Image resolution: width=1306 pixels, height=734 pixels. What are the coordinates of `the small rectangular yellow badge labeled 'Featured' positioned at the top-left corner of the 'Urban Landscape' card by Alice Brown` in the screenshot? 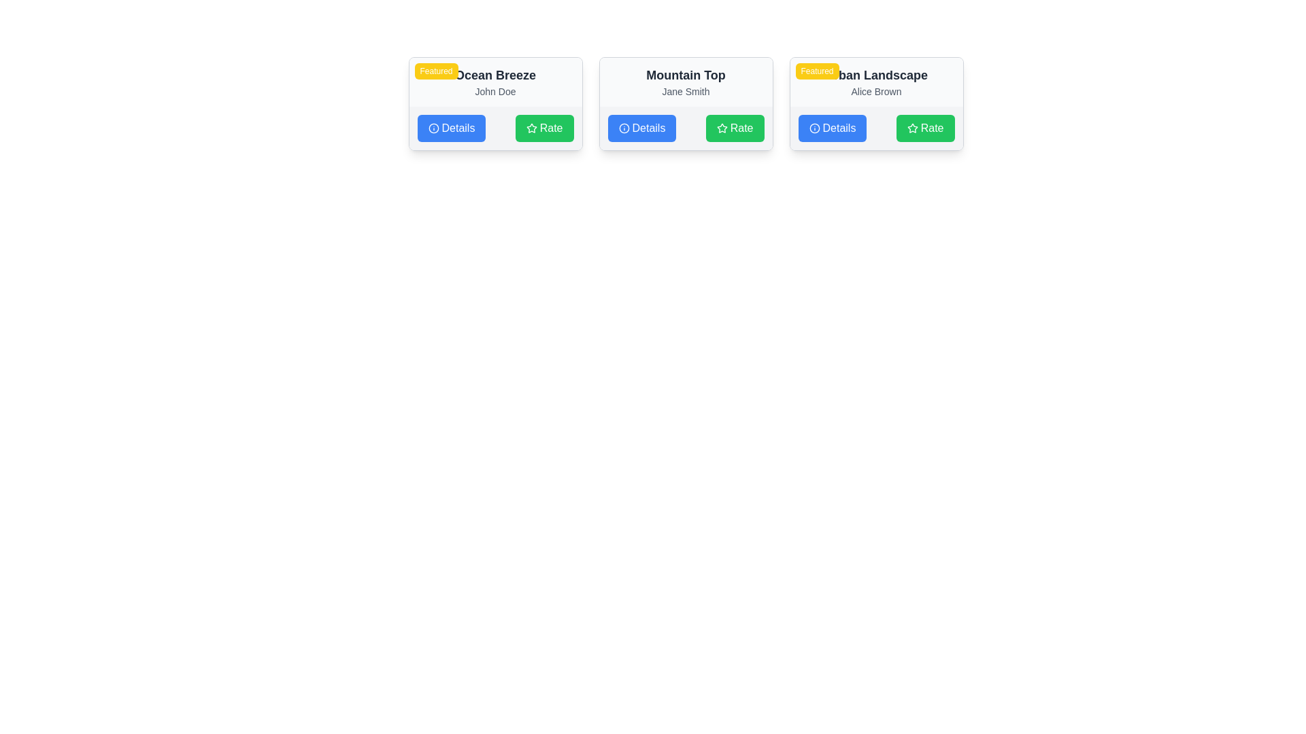 It's located at (816, 71).